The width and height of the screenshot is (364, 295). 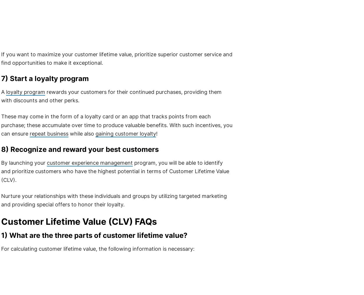 What do you see at coordinates (3, 91) in the screenshot?
I see `'A'` at bounding box center [3, 91].